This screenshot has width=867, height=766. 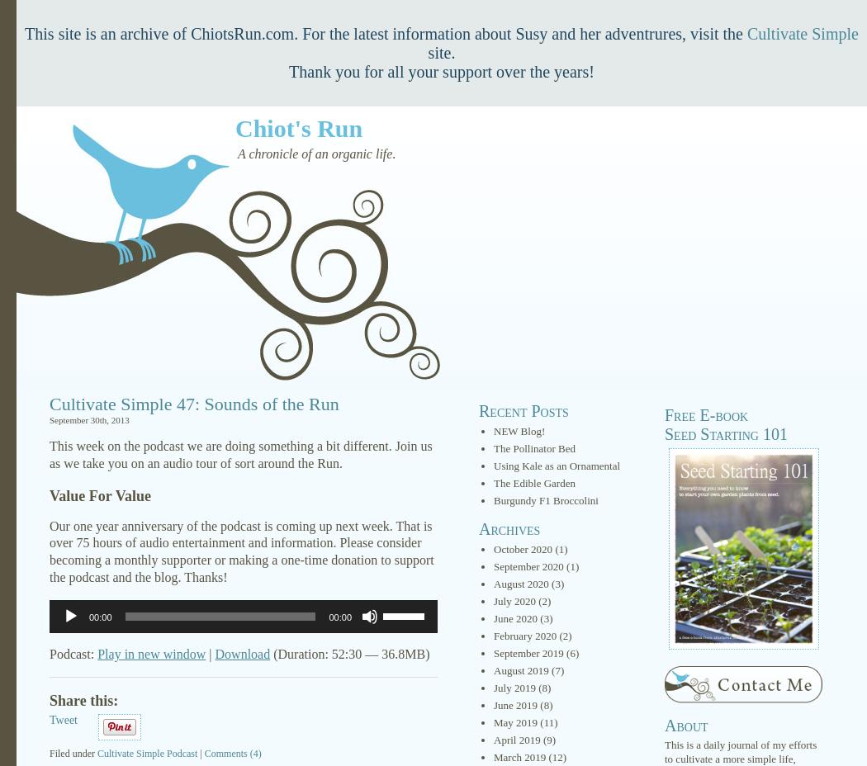 I want to click on 'March 2019', so click(x=492, y=757).